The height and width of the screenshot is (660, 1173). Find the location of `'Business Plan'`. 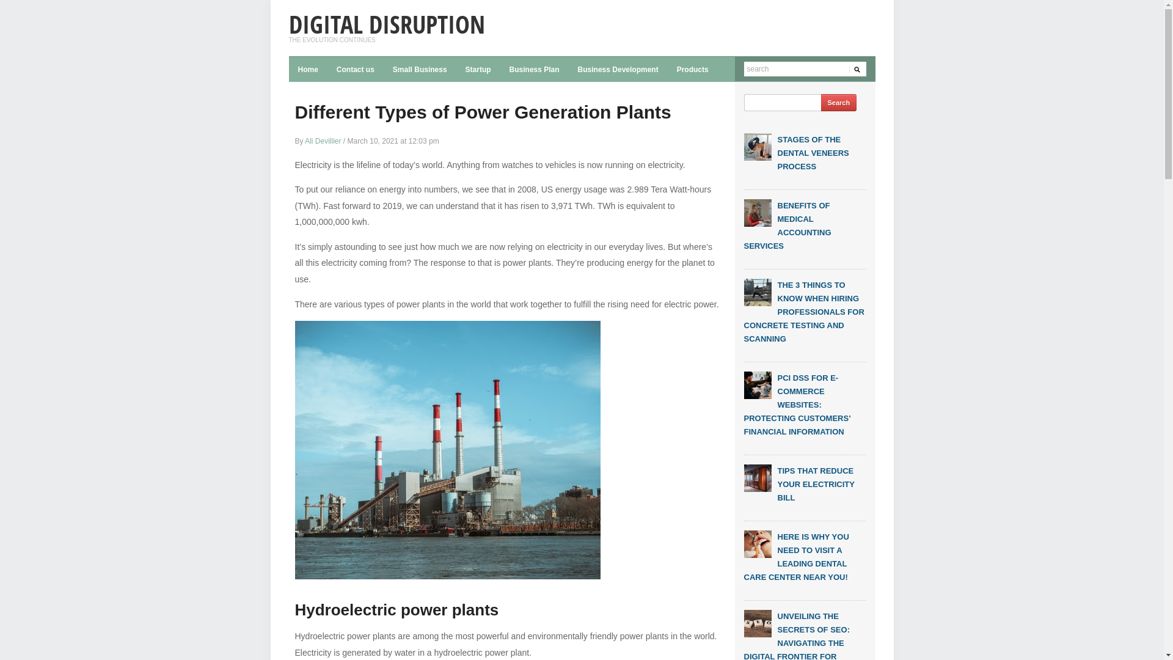

'Business Plan' is located at coordinates (534, 68).